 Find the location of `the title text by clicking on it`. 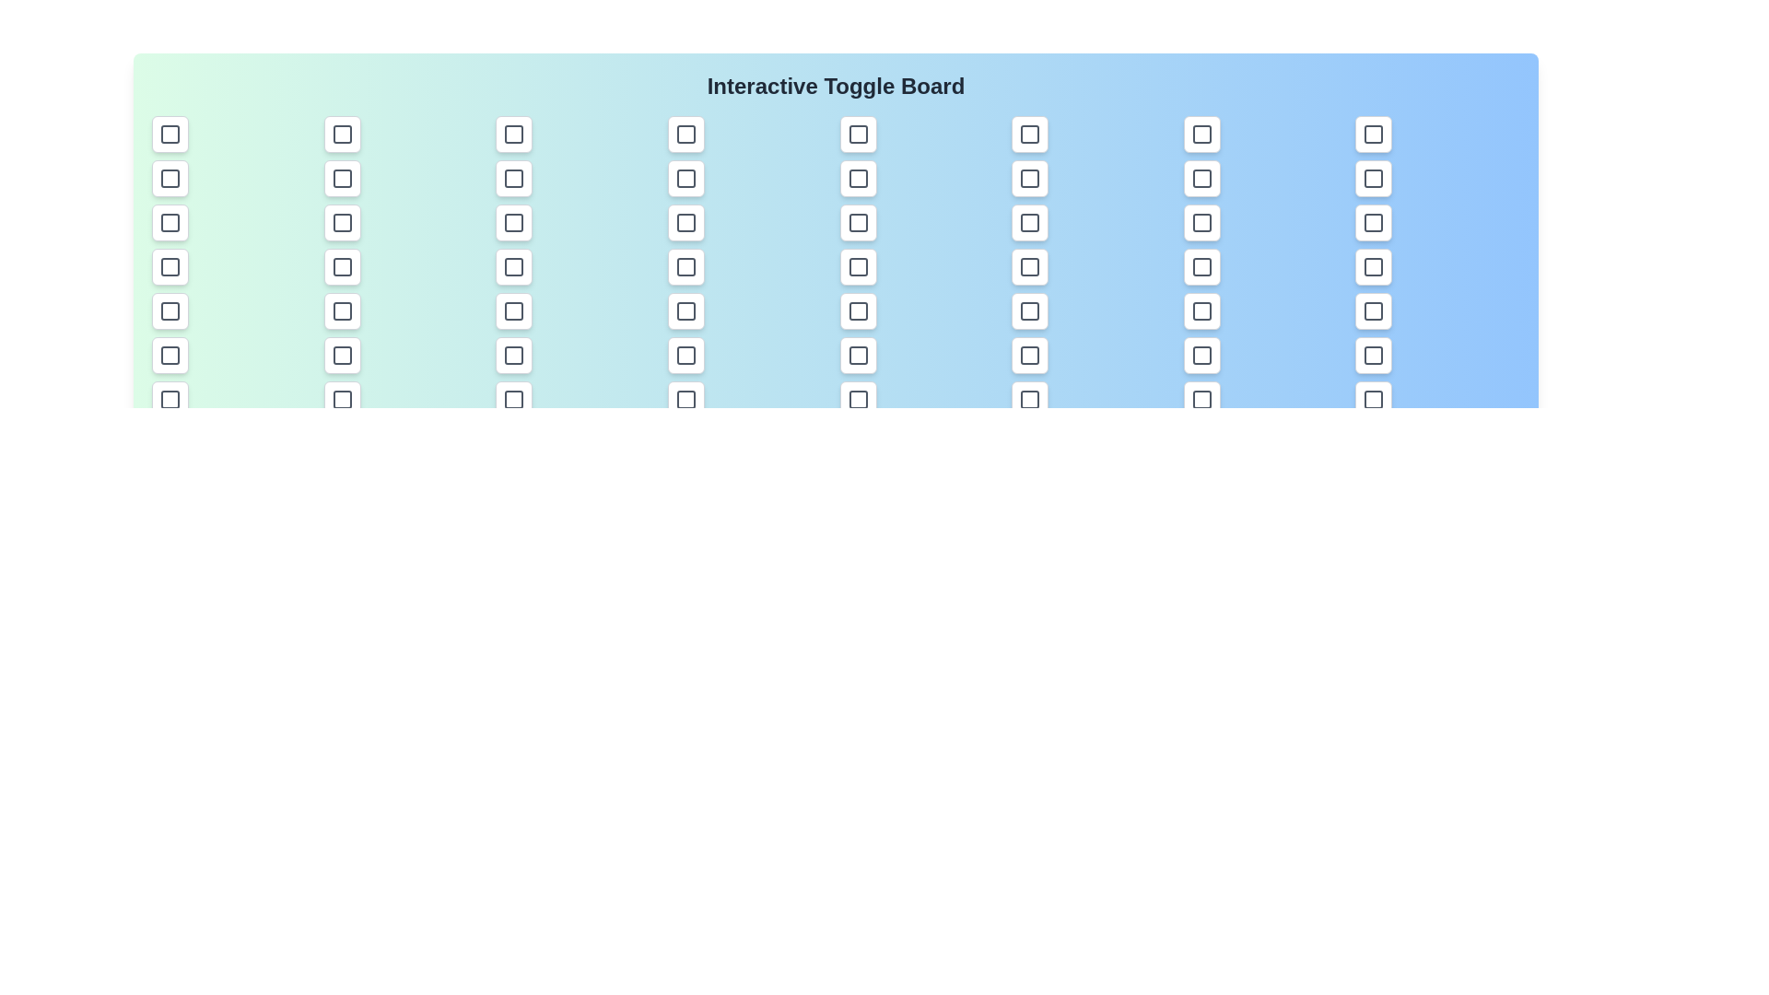

the title text by clicking on it is located at coordinates (835, 86).